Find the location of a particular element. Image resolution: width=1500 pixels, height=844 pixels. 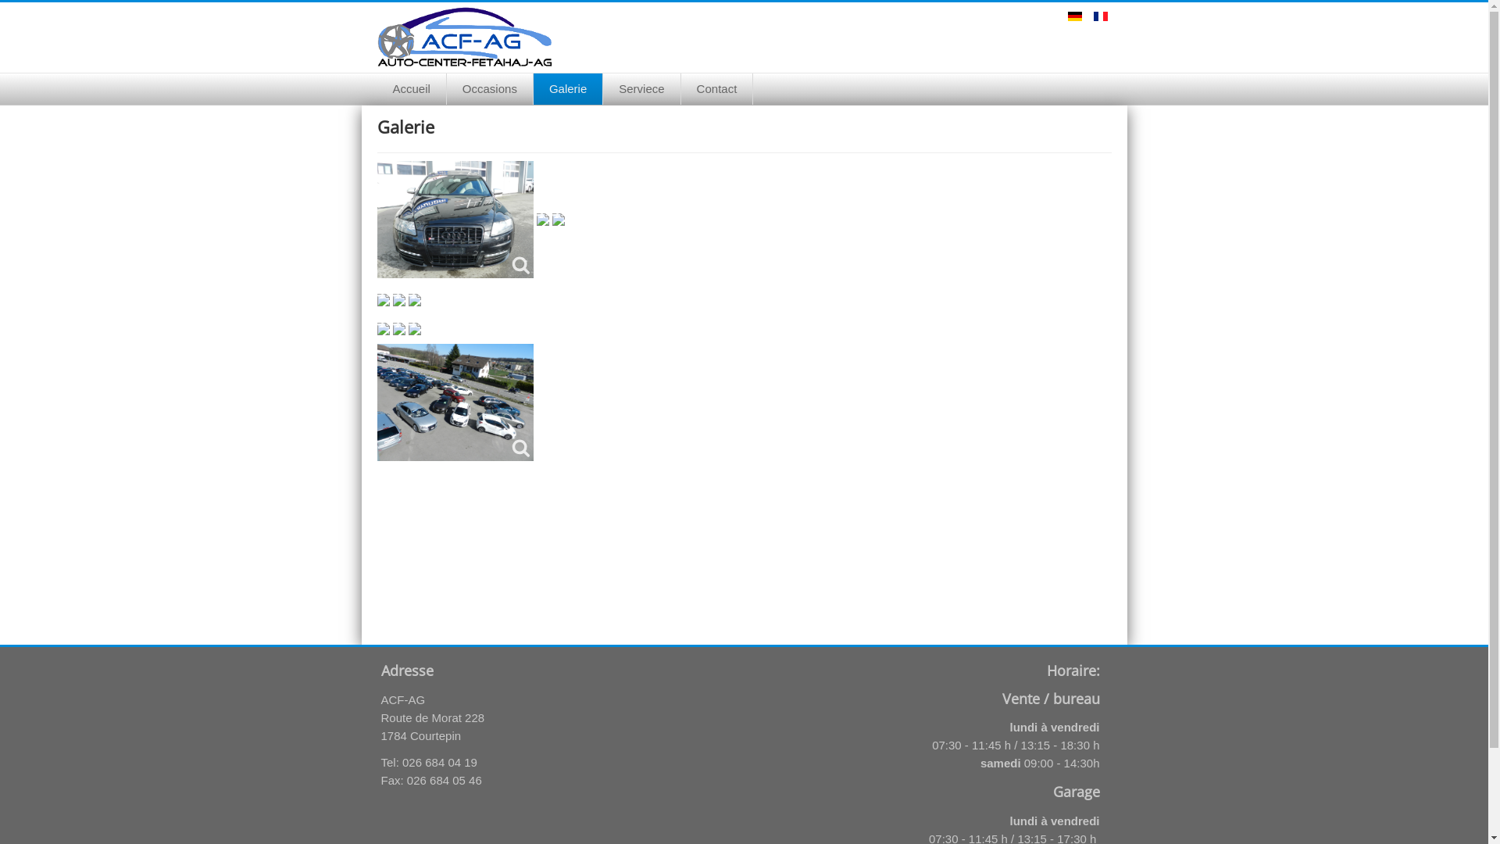

'Accueil' is located at coordinates (411, 89).